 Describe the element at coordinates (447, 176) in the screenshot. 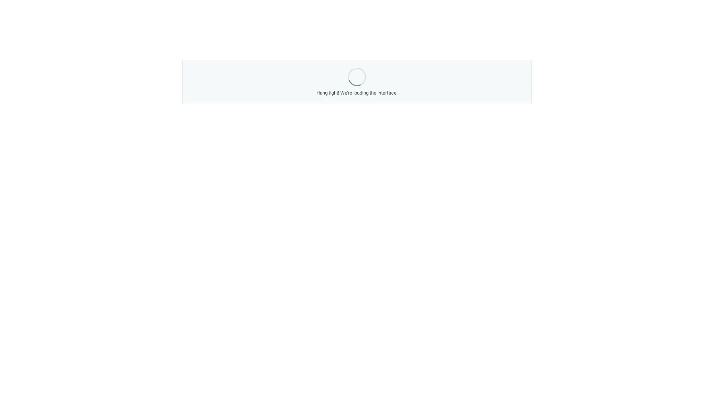

I see `Browse Directory` at that location.